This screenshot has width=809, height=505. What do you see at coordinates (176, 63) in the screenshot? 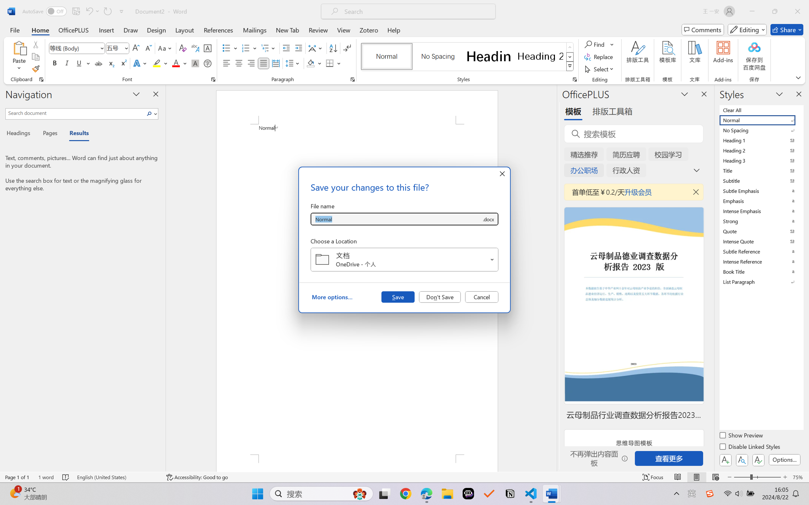
I see `'Font Color Red'` at bounding box center [176, 63].